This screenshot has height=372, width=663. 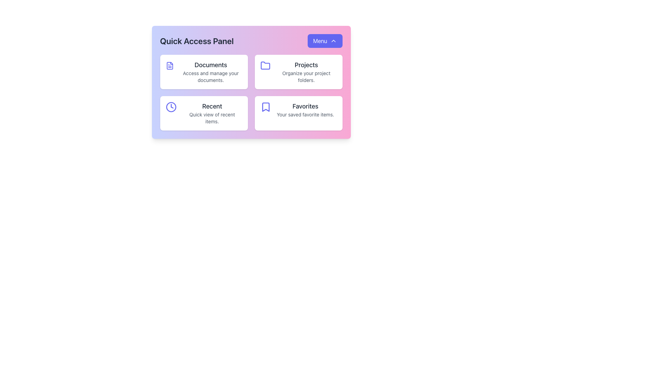 I want to click on the 'Documents' text label, which is styled in a larger, bold, dark gray font and is located within the 'Quick Access Panel', so click(x=210, y=72).